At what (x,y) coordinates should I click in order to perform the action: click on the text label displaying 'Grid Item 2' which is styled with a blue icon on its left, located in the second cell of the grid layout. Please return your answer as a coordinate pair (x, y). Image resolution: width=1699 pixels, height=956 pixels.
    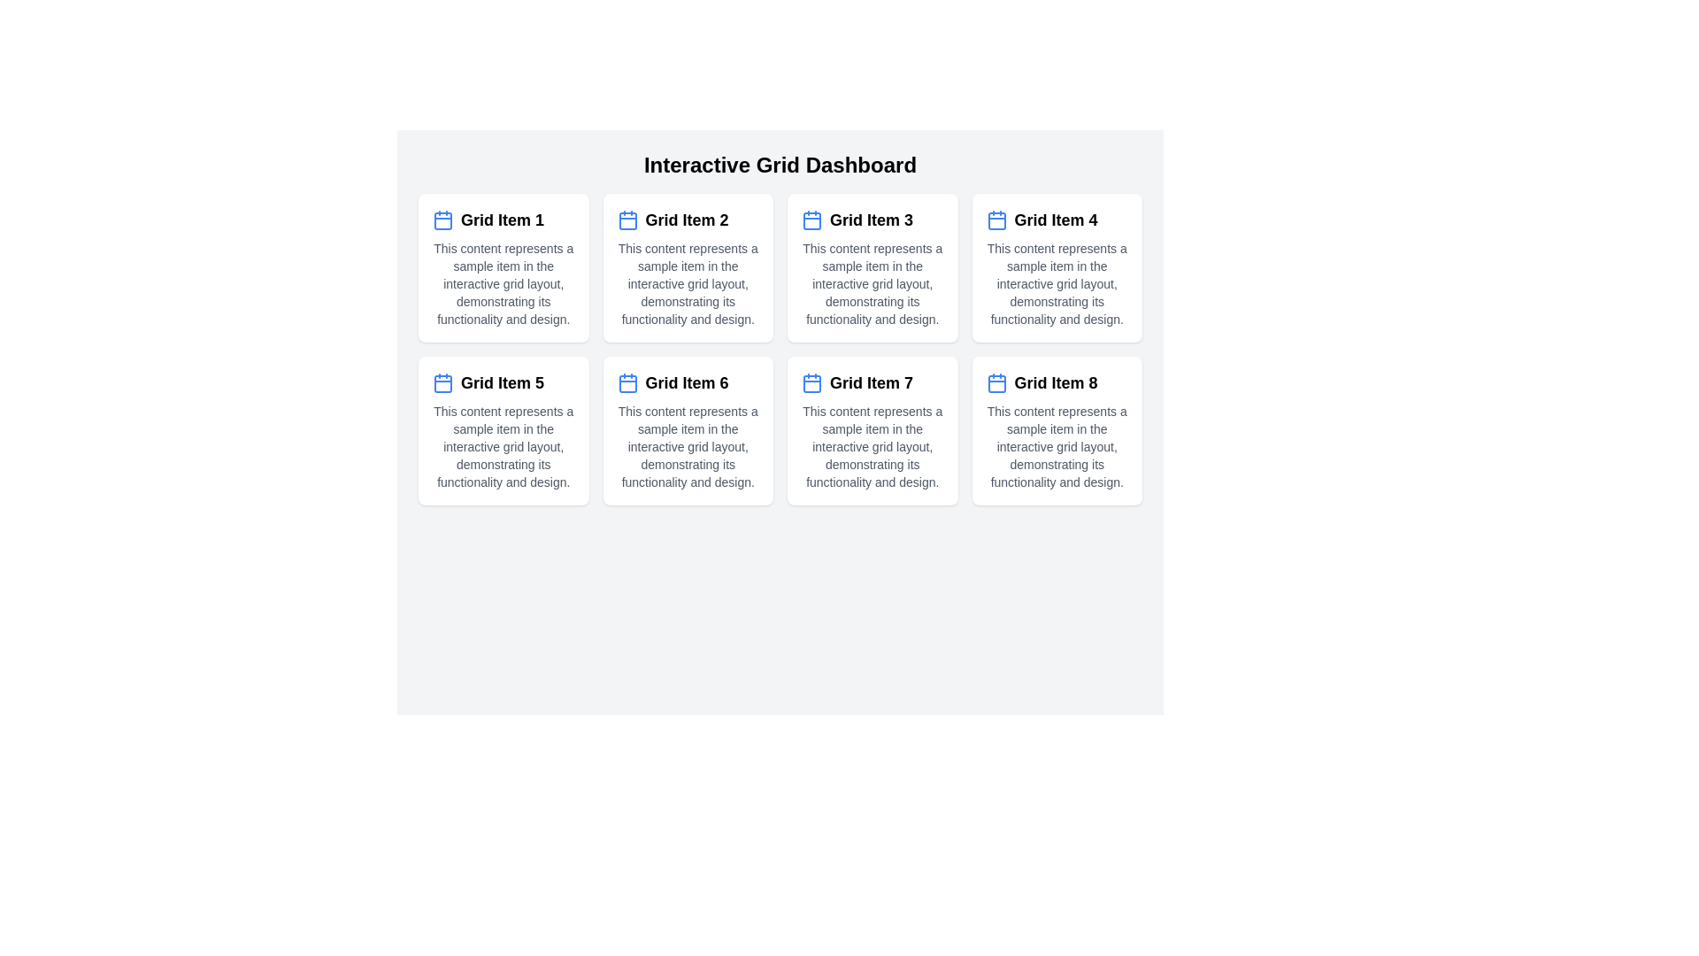
    Looking at the image, I should click on (686, 220).